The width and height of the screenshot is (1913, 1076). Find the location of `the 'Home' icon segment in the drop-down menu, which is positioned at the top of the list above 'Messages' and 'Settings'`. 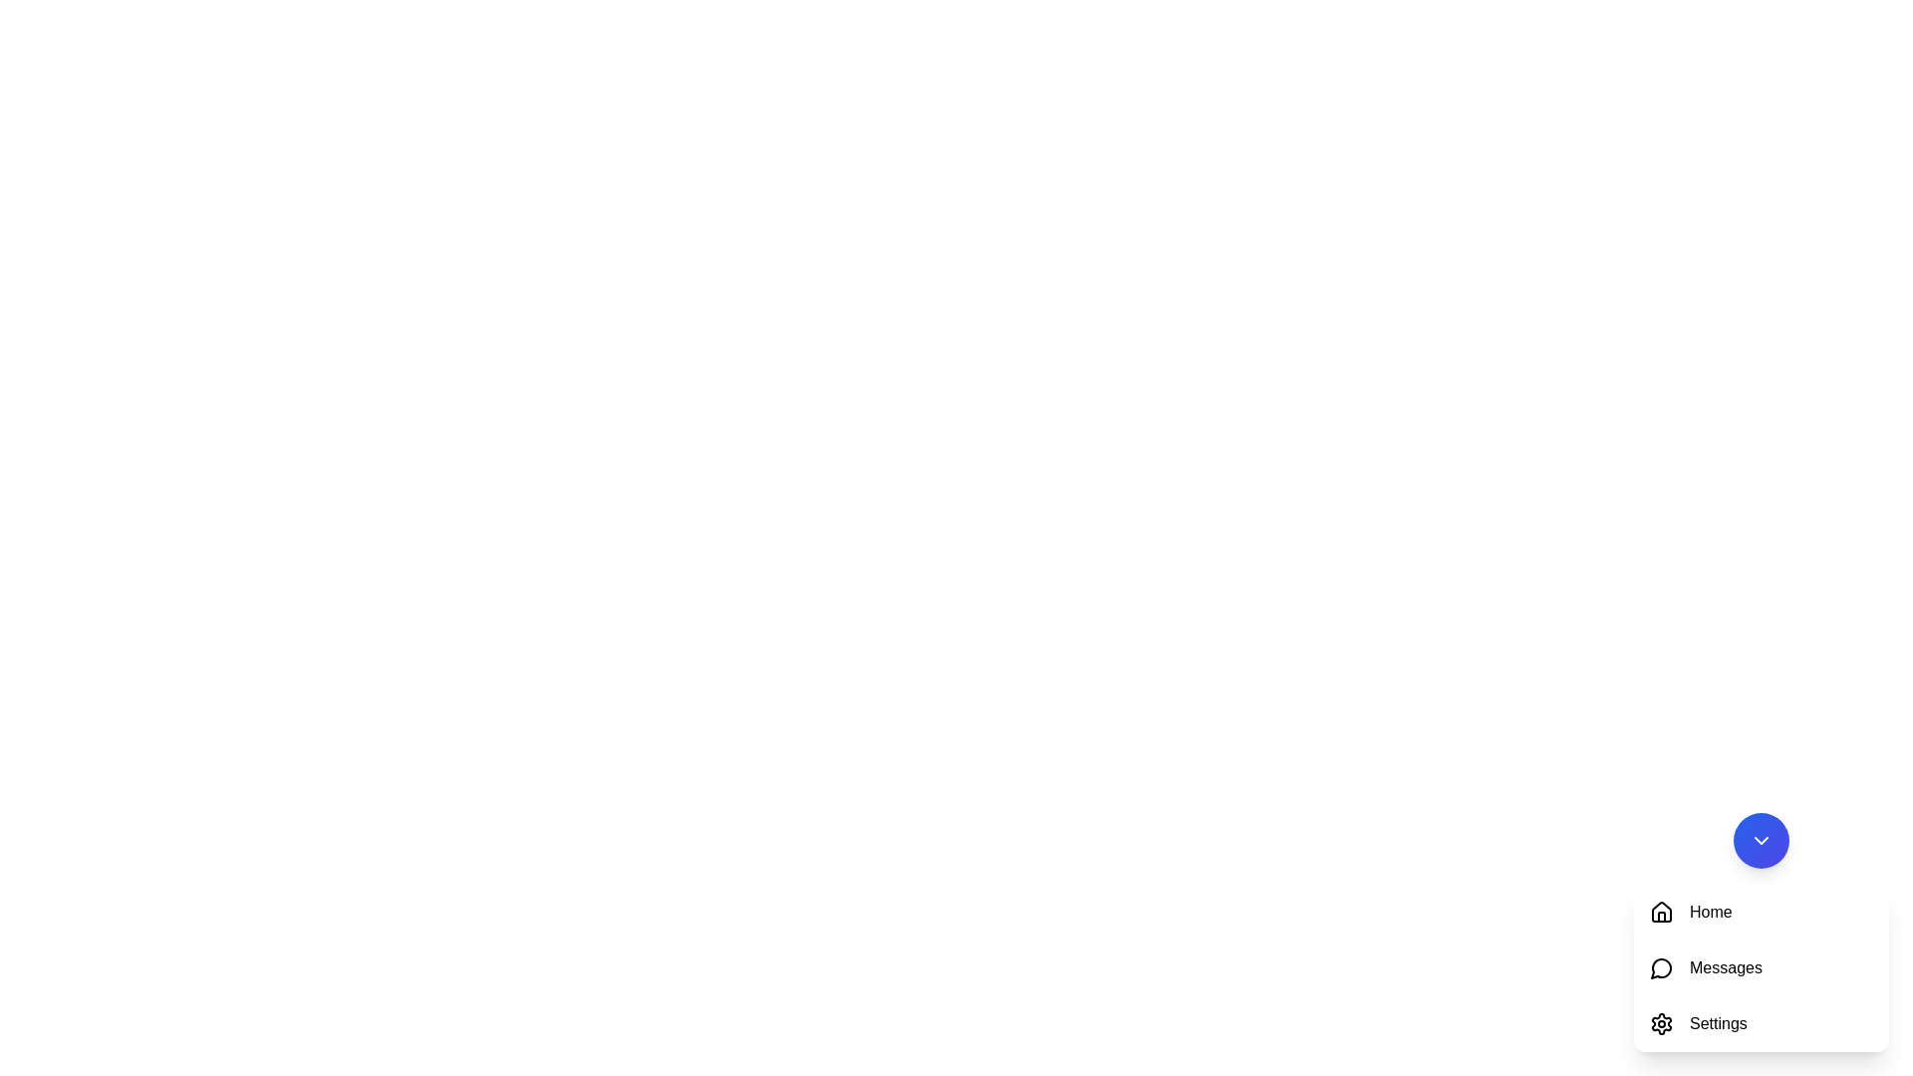

the 'Home' icon segment in the drop-down menu, which is positioned at the top of the list above 'Messages' and 'Settings' is located at coordinates (1662, 917).